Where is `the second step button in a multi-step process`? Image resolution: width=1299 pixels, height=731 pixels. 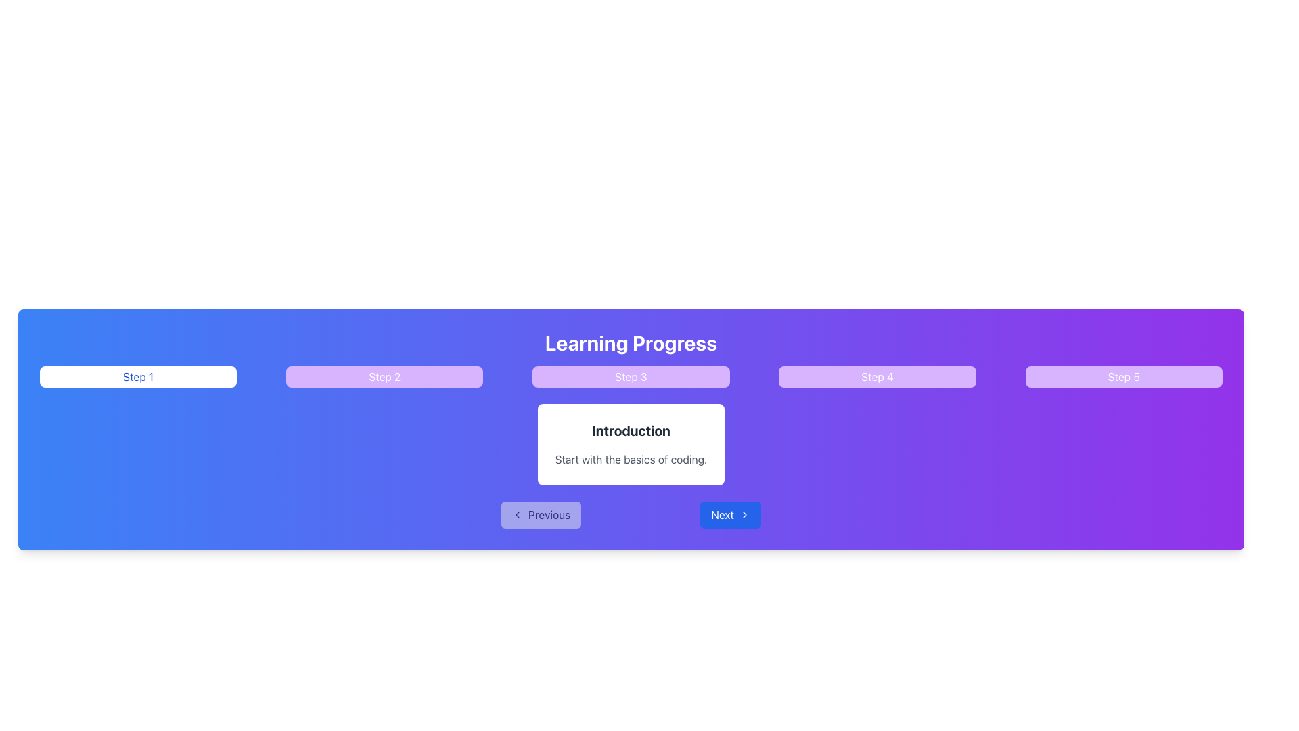
the second step button in a multi-step process is located at coordinates (384, 376).